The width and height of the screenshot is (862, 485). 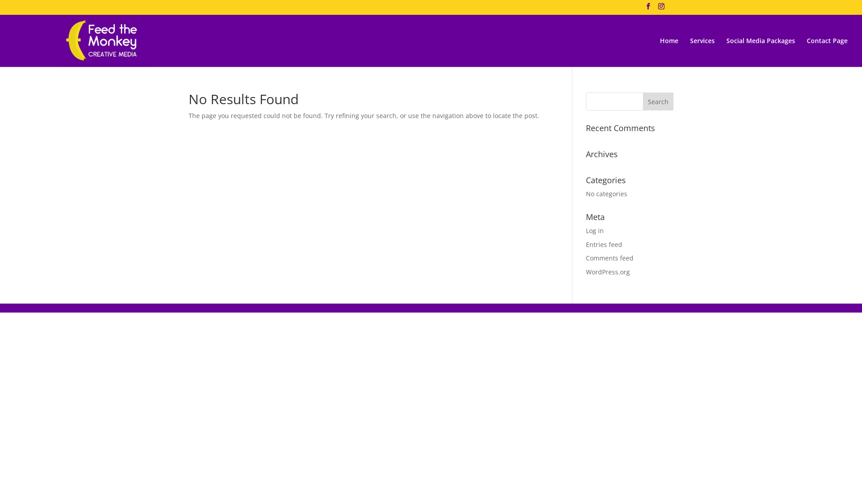 I want to click on 'Contact Page', so click(x=806, y=52).